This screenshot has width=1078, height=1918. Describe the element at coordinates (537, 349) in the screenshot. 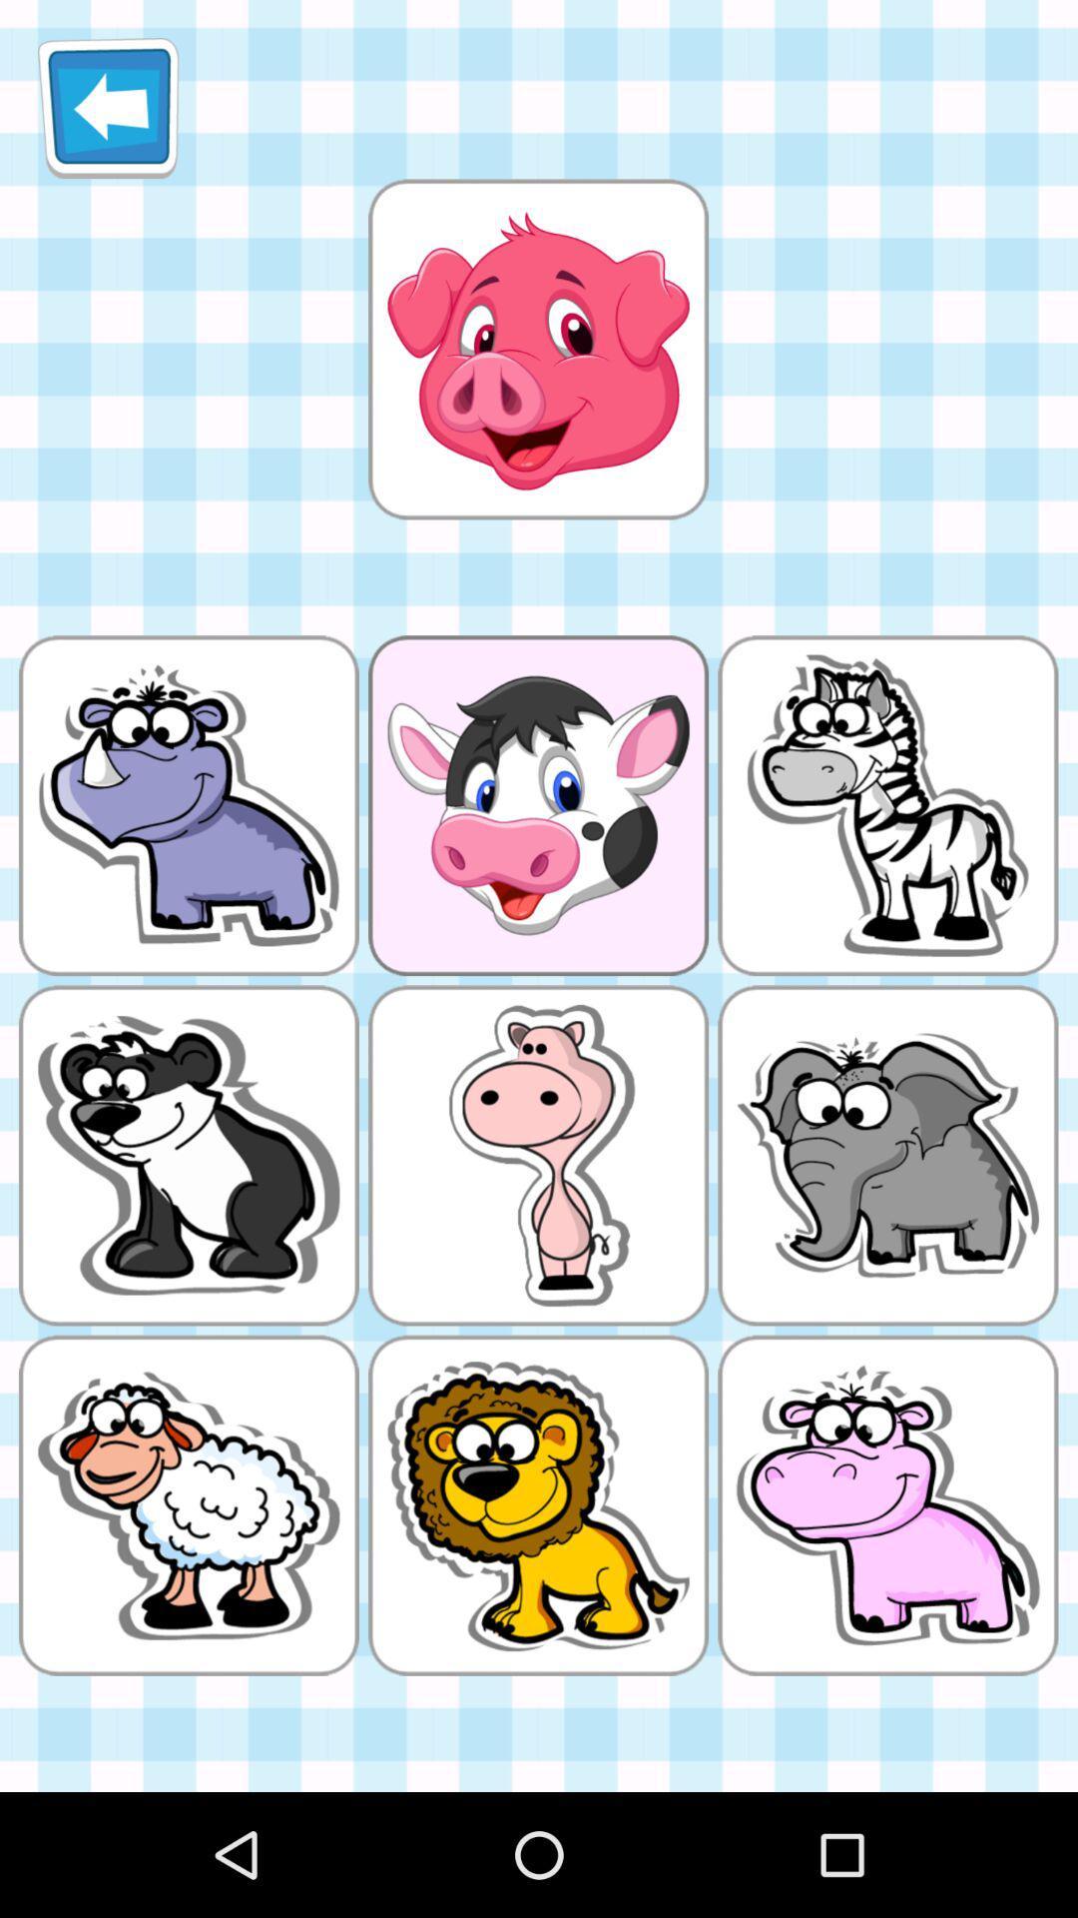

I see `choose image` at that location.